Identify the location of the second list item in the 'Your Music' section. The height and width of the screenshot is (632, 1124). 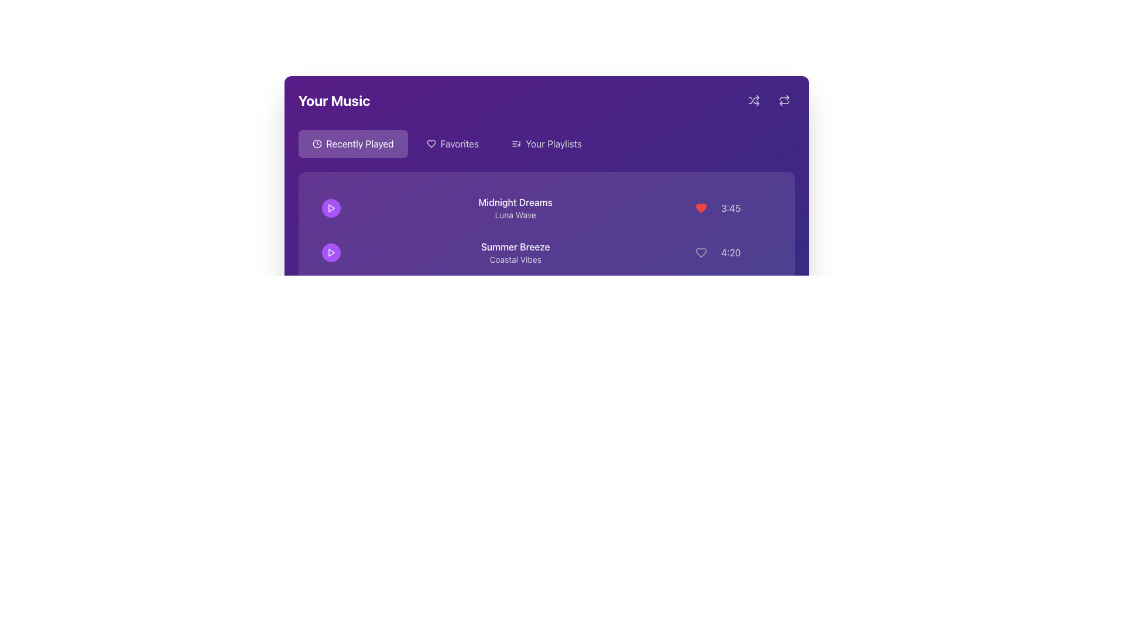
(546, 252).